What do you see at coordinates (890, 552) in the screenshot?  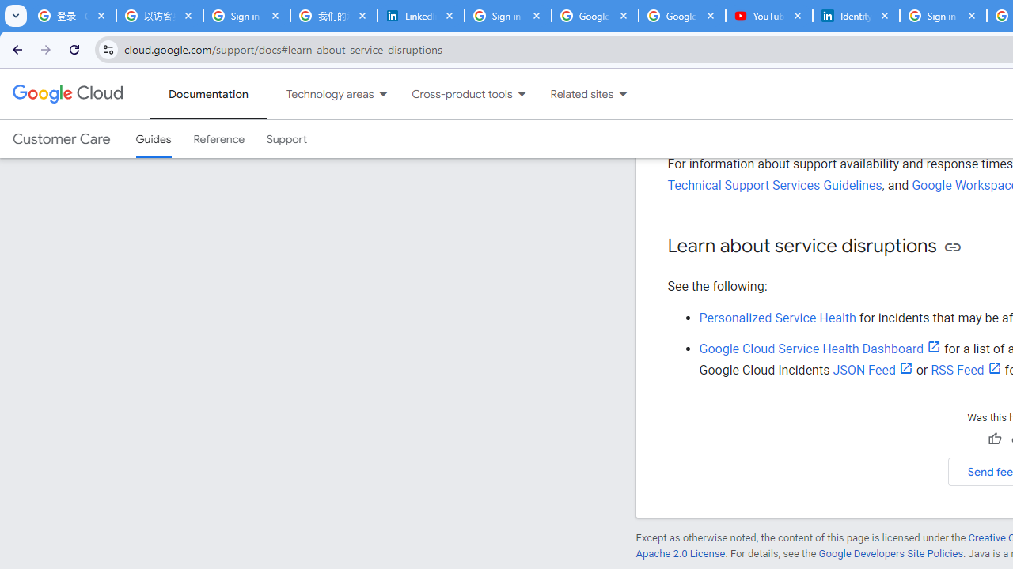 I see `'Google Developers Site Policies'` at bounding box center [890, 552].